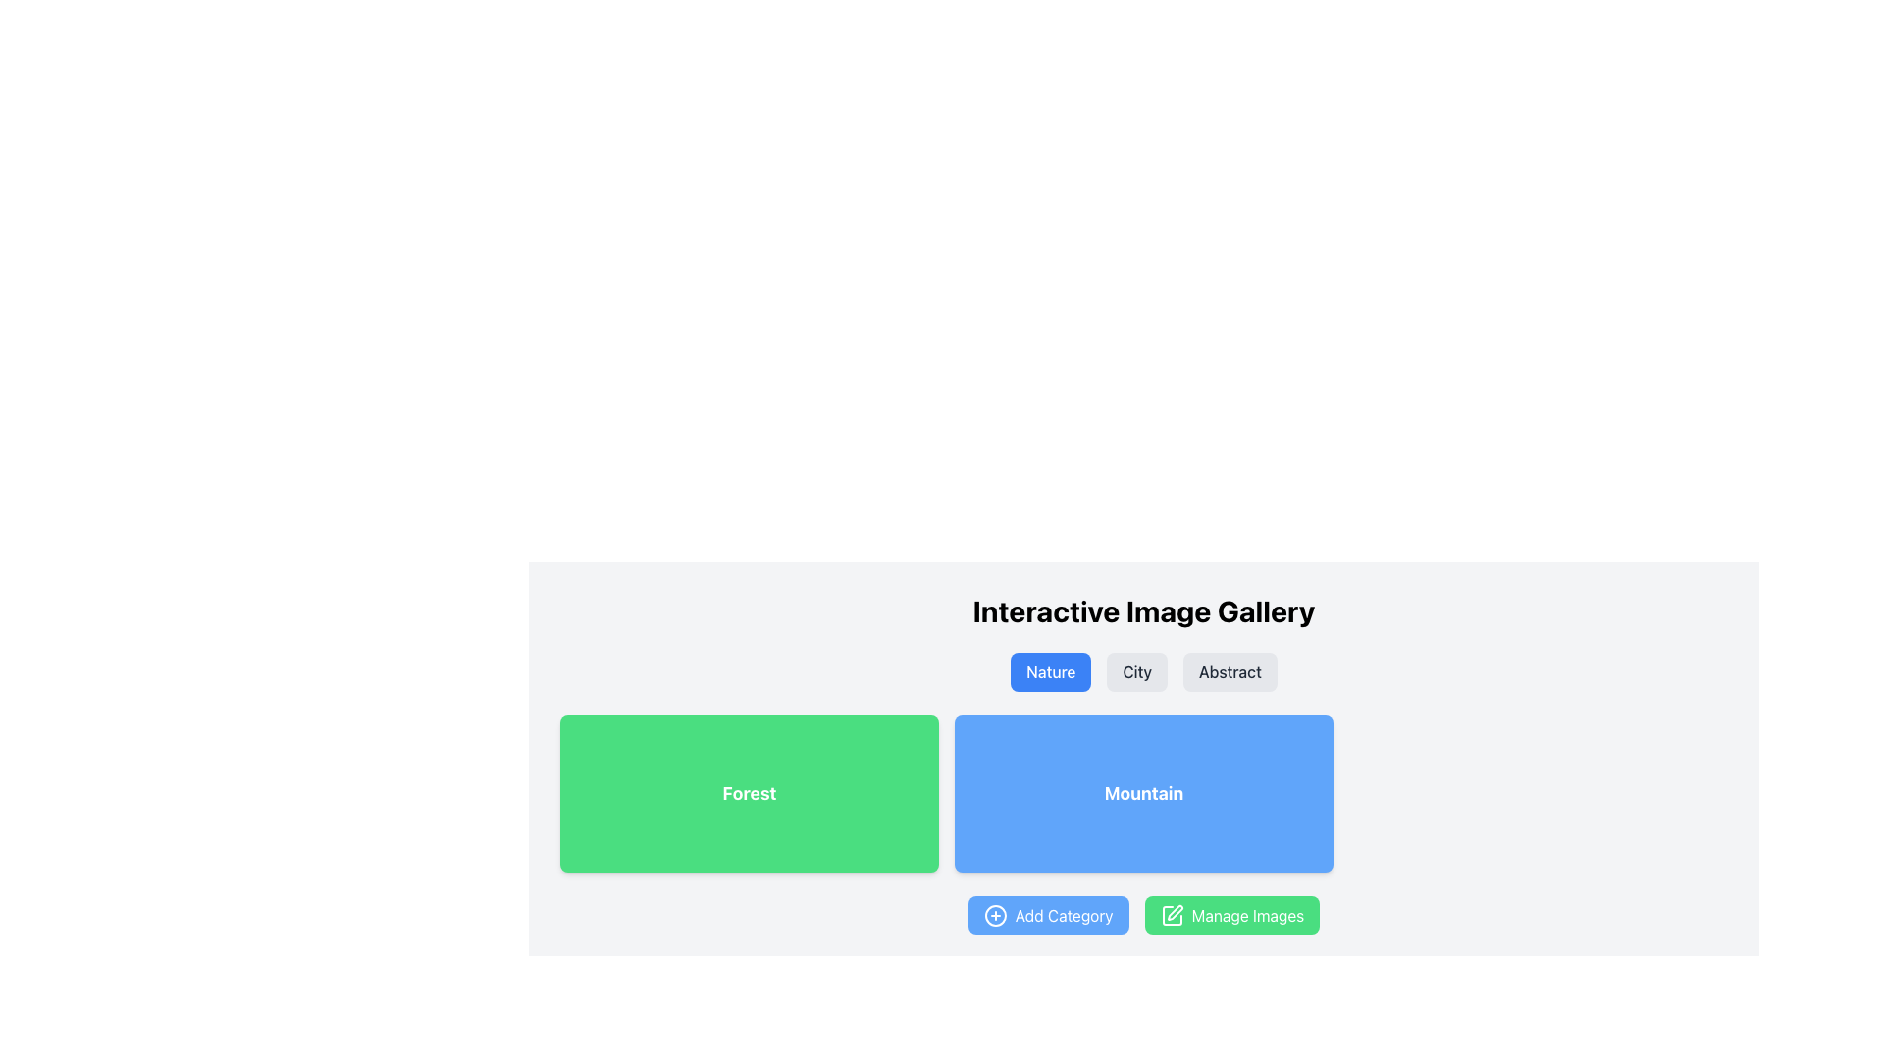 The height and width of the screenshot is (1060, 1884). What do you see at coordinates (1137, 671) in the screenshot?
I see `the 'City' button, which is the second button in a horizontal group of three, located below the title 'Interactive Image Gallery' and between the 'Nature' and 'Abstract' buttons` at bounding box center [1137, 671].